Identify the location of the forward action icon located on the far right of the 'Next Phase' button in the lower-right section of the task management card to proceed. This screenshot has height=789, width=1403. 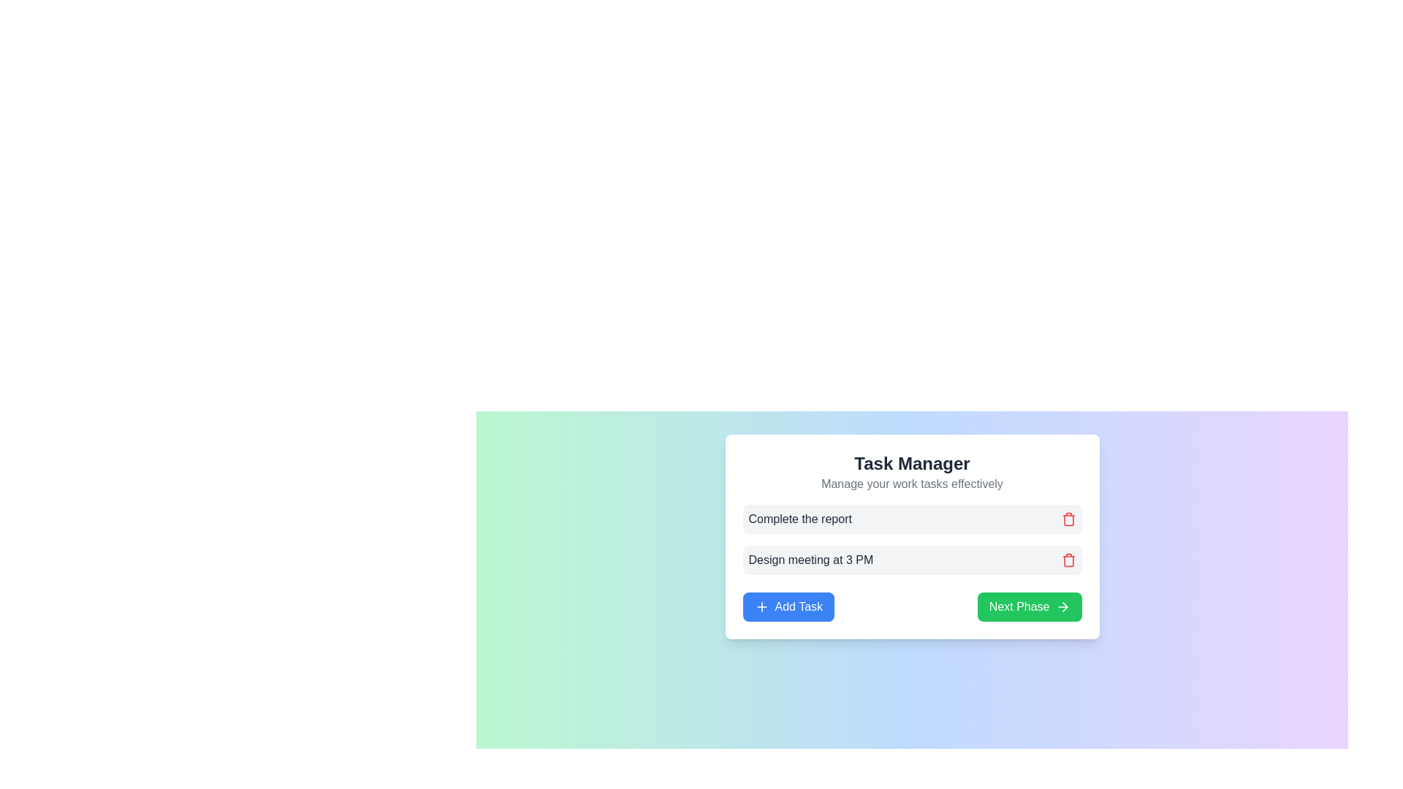
(1062, 606).